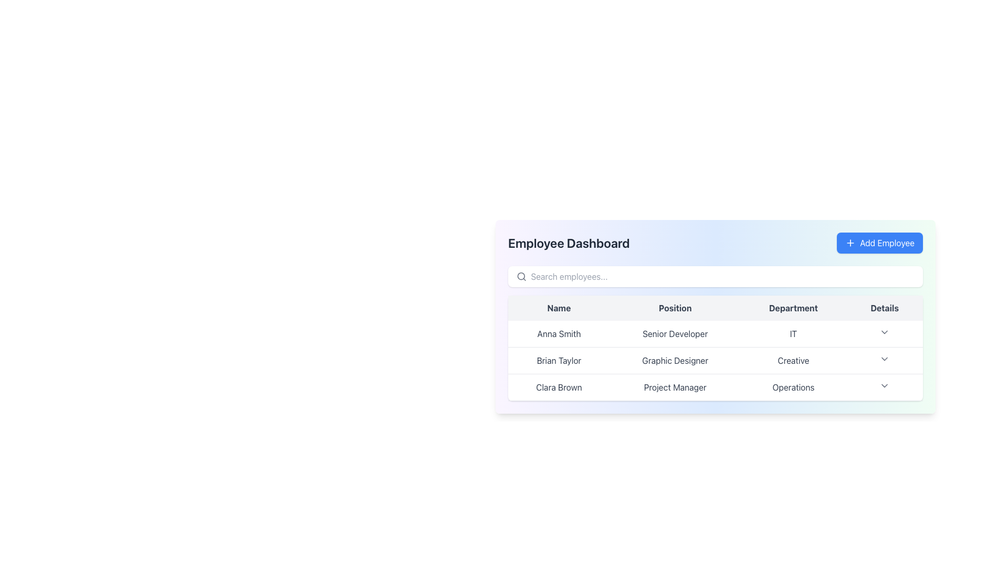 The width and height of the screenshot is (1008, 567). Describe the element at coordinates (884, 307) in the screenshot. I see `the Text label that serves as the header for the last column in the table, indicating the content related to the rows` at that location.